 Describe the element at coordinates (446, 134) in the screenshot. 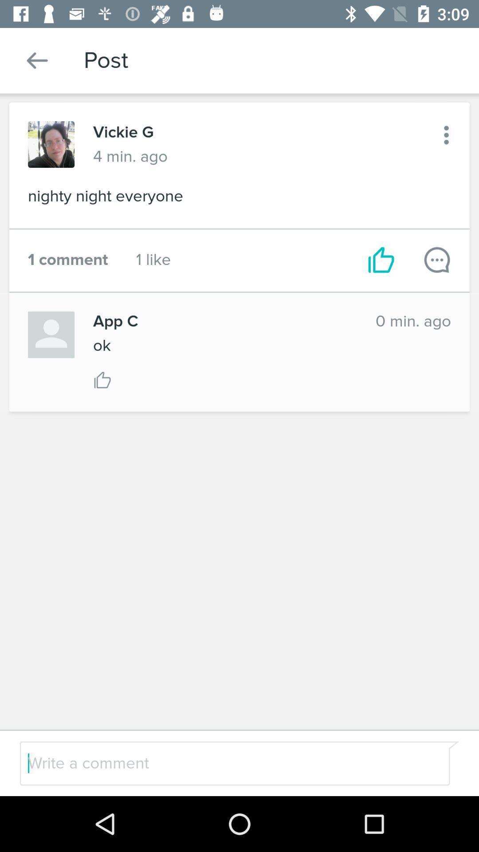

I see `more options` at that location.